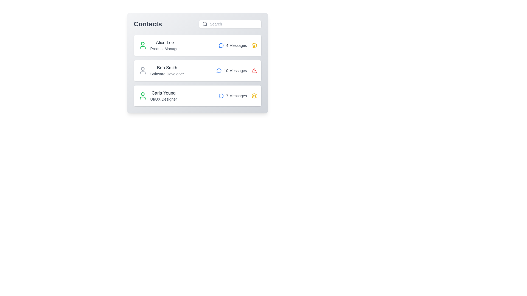 Image resolution: width=527 pixels, height=296 pixels. I want to click on the contact name Bob Smith to focus or select it, so click(167, 67).